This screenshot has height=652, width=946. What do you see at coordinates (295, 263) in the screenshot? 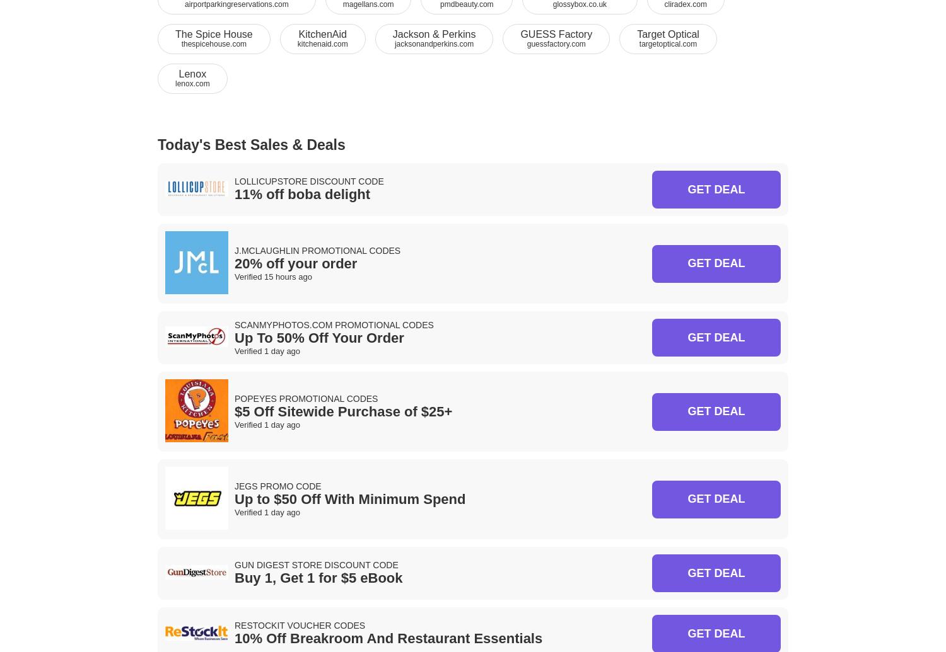
I see `'20% off your order'` at bounding box center [295, 263].